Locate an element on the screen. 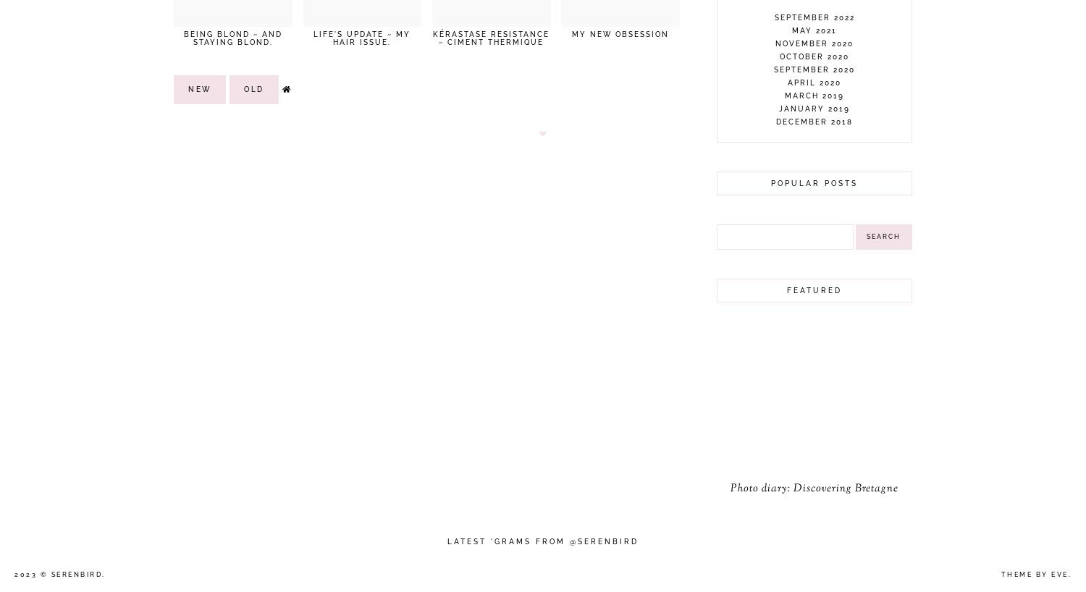 The width and height of the screenshot is (1086, 592). 'August 2016' is located at coordinates (781, 433).